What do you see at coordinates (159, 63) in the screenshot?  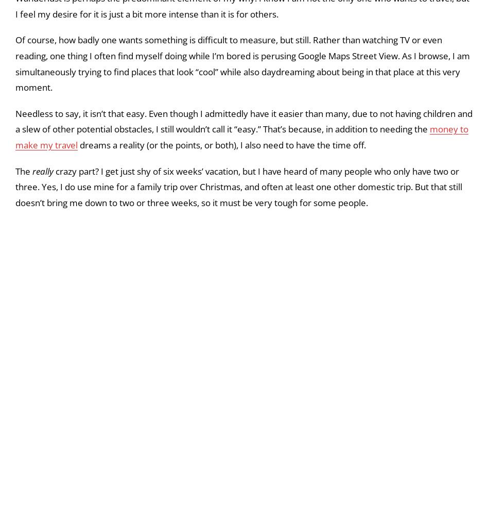 I see `'early retirement isn’t for everyone'` at bounding box center [159, 63].